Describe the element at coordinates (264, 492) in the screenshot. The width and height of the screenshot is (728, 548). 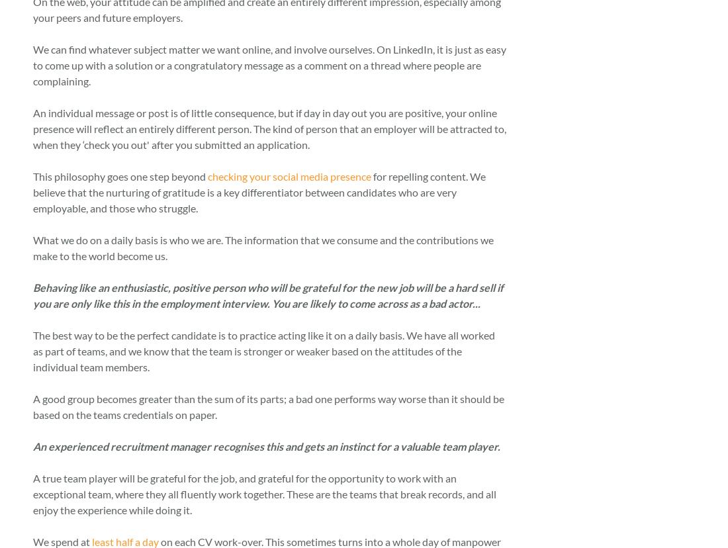
I see `'A true team player will be grateful for the job, and grateful for the opportunity to work with an exceptional team, where they all fluently work together. These are the teams that break records, and all enjoy the experience while doing it.'` at that location.